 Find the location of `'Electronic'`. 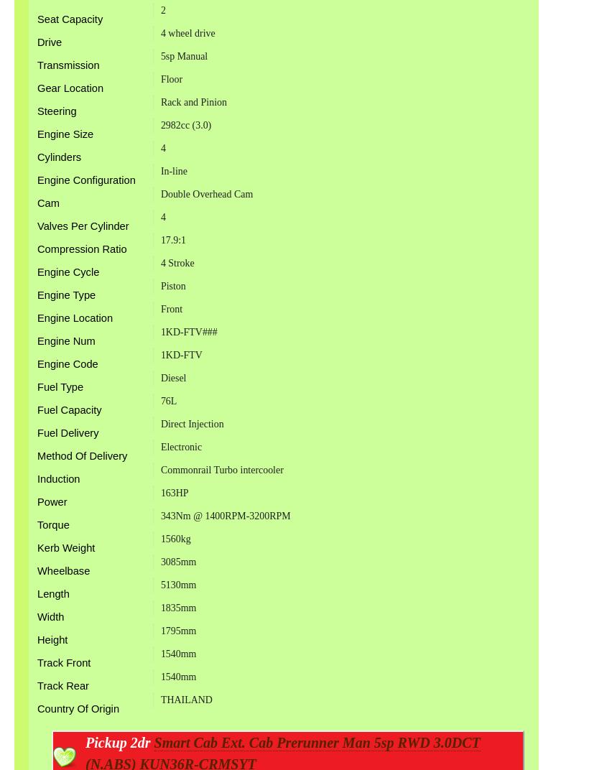

'Electronic' is located at coordinates (180, 446).